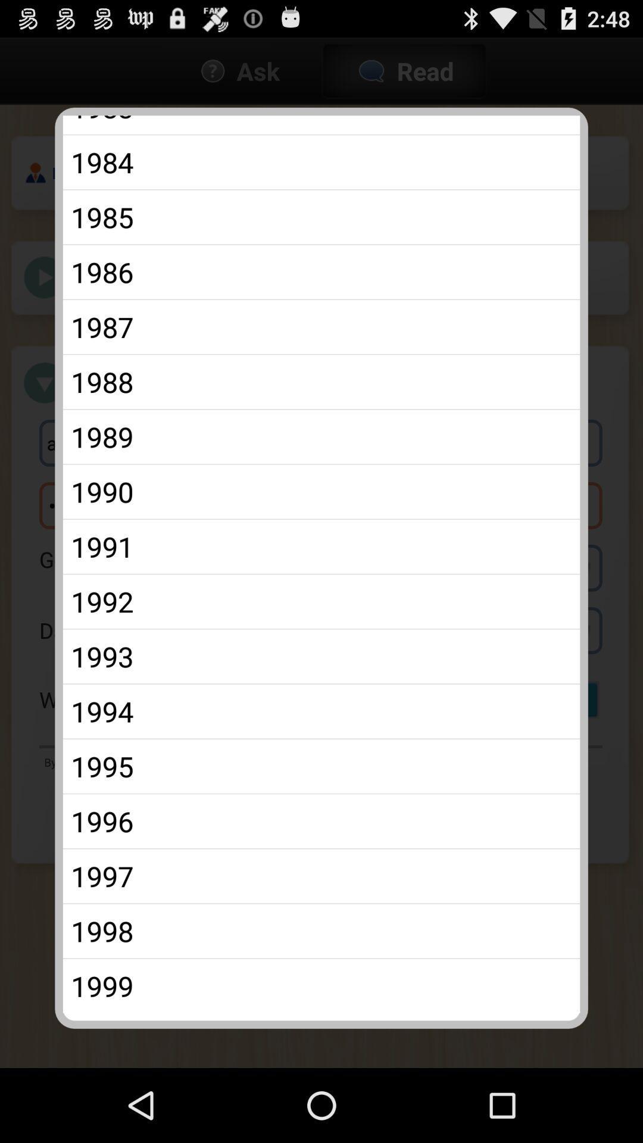 The height and width of the screenshot is (1143, 643). Describe the element at coordinates (321, 546) in the screenshot. I see `the item above the 1992 item` at that location.